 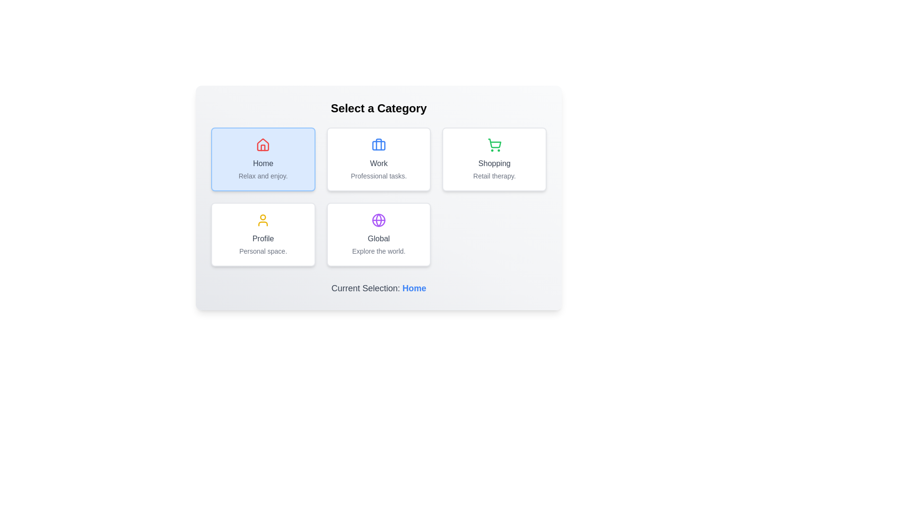 I want to click on the category button for Shopping, so click(x=494, y=159).